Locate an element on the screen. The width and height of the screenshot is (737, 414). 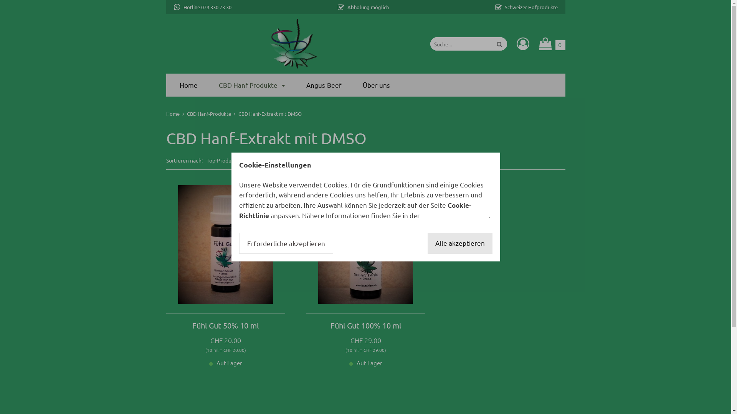
'CBD Hanf-Extrakt mit DMSO' is located at coordinates (269, 113).